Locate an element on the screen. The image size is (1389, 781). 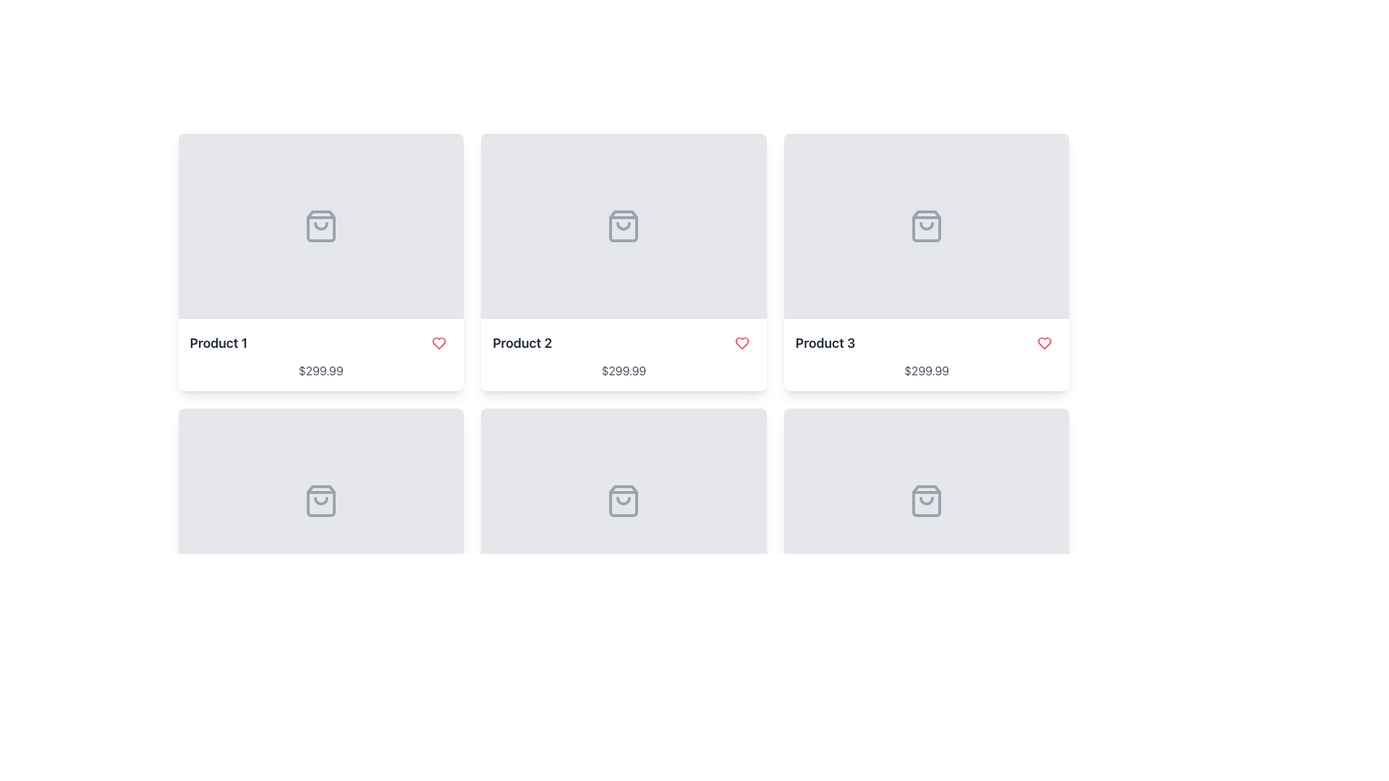
the heart icon button is located at coordinates (1045, 343).